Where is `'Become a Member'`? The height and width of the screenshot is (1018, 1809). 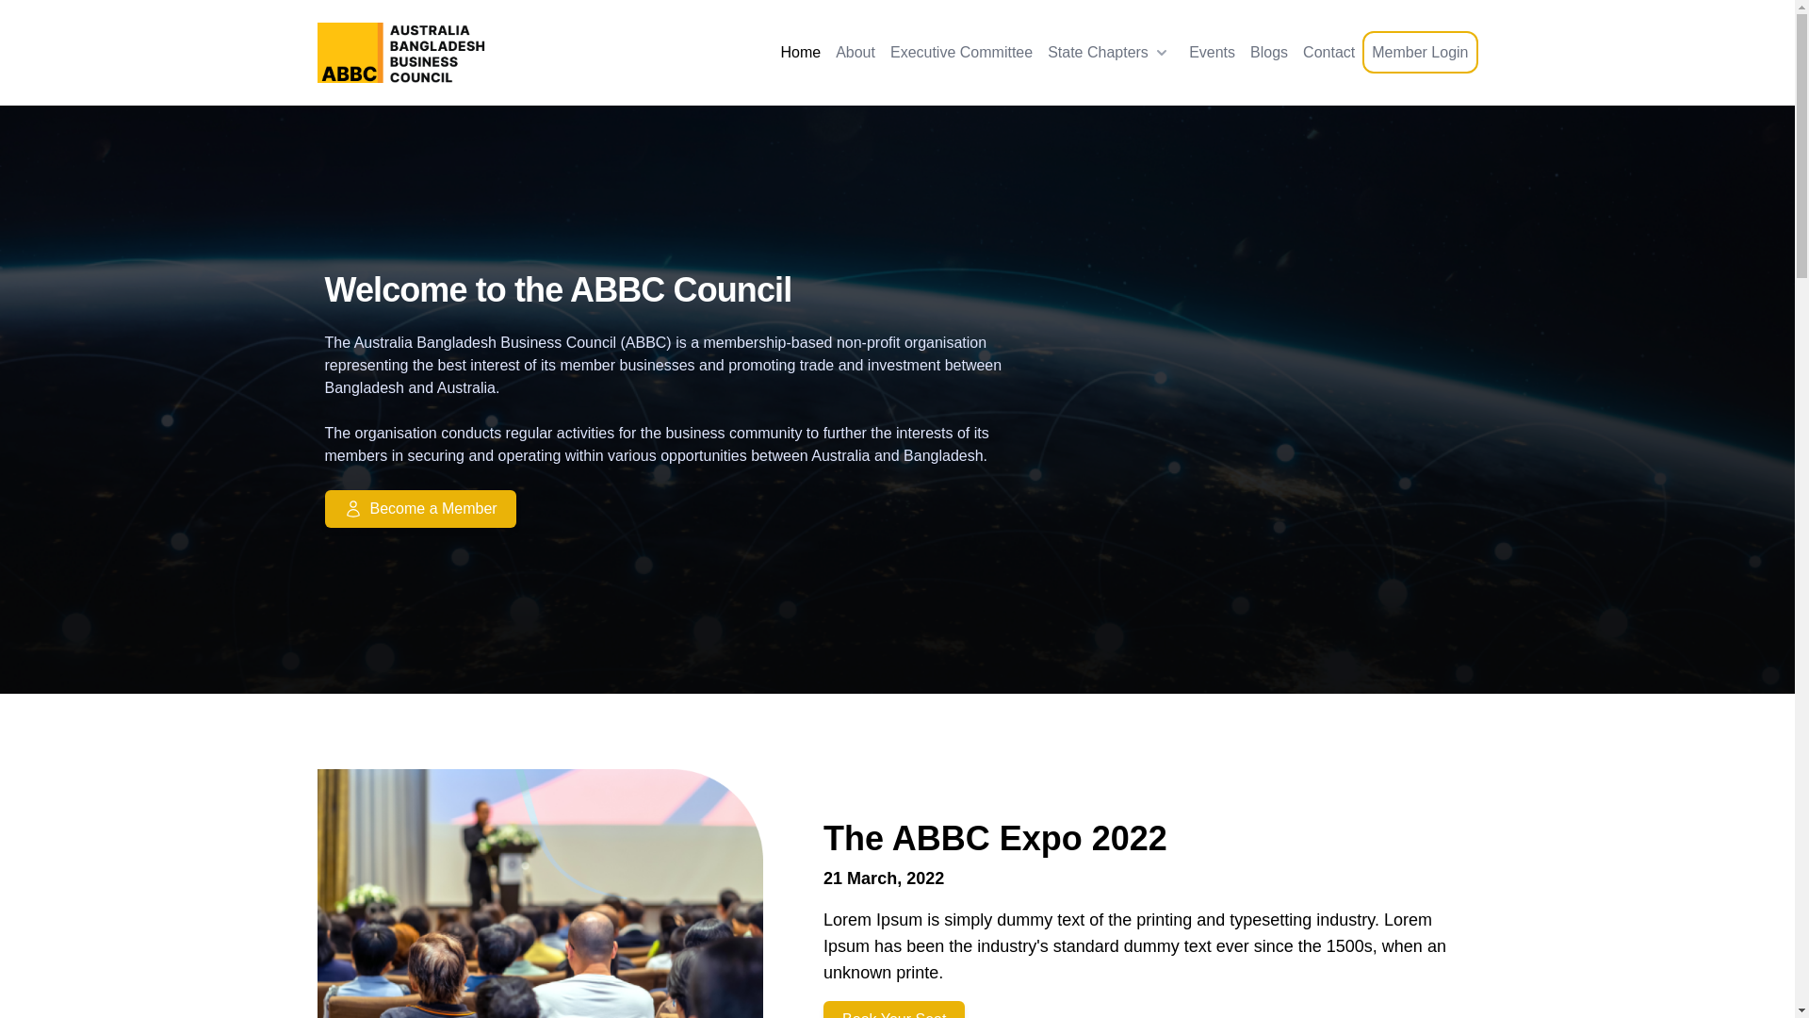 'Become a Member' is located at coordinates (324, 509).